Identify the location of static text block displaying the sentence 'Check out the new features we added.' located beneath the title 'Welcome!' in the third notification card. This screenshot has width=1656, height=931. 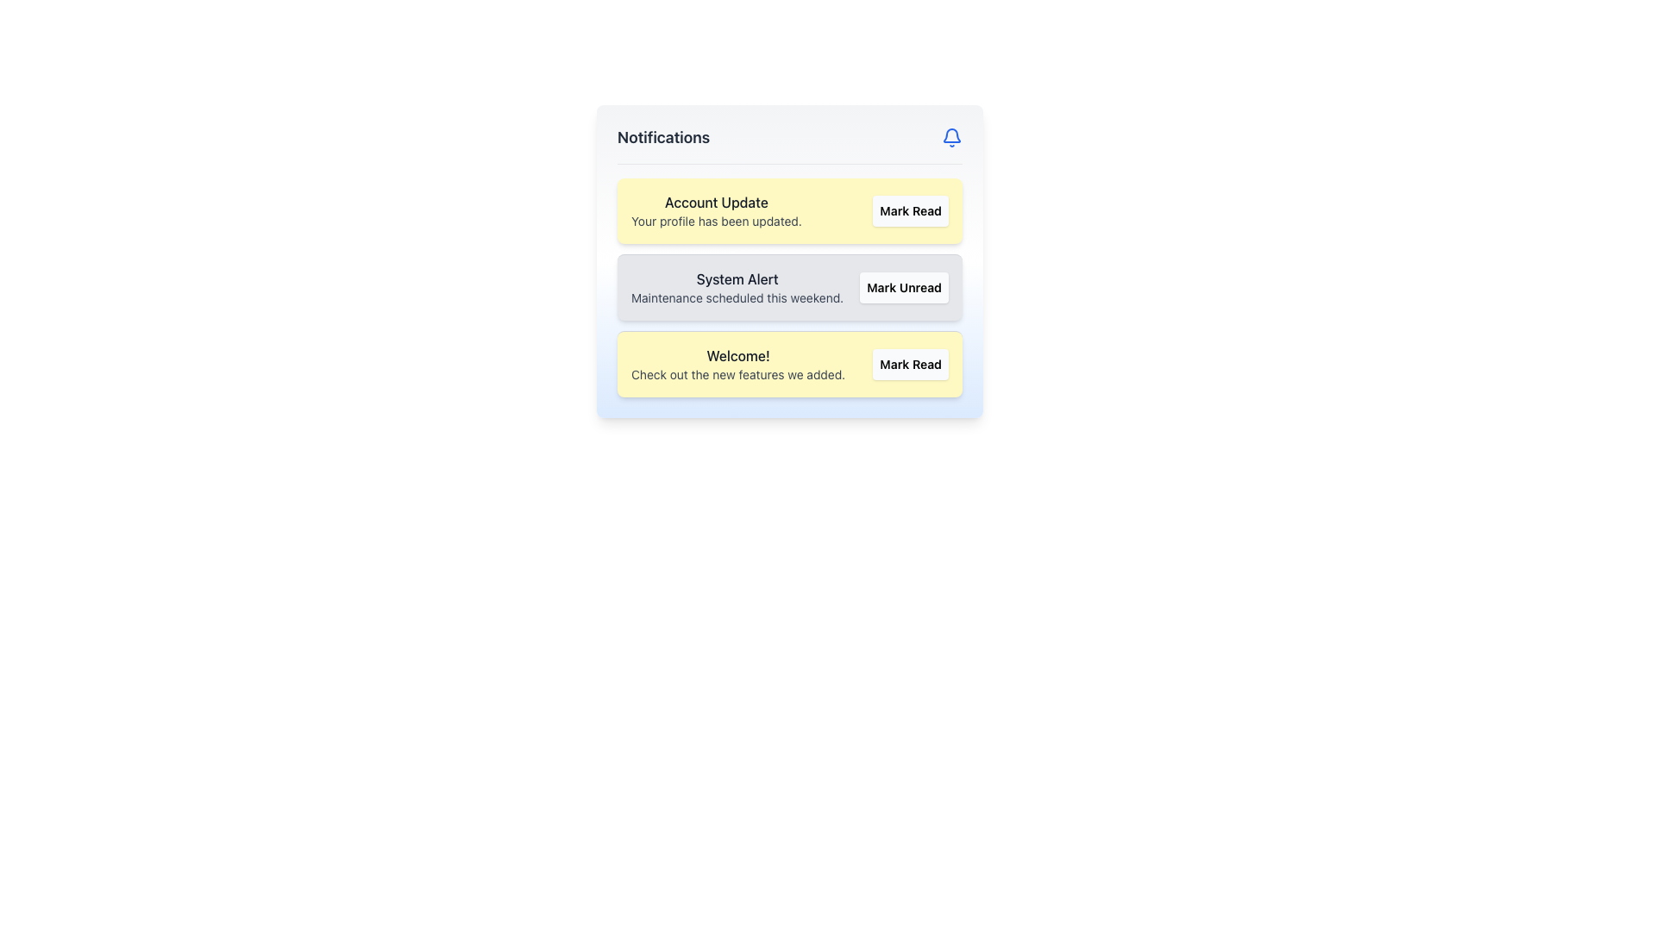
(738, 374).